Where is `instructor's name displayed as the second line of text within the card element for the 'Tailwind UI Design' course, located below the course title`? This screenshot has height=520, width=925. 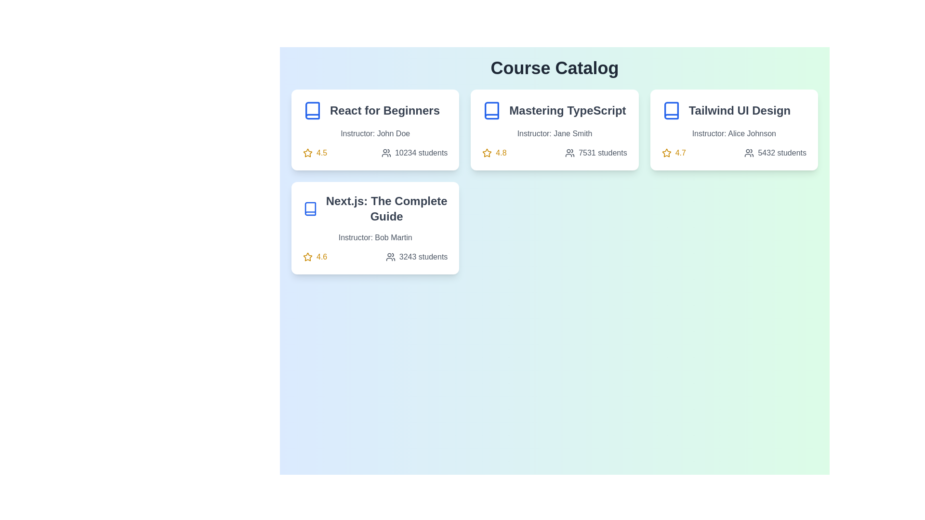
instructor's name displayed as the second line of text within the card element for the 'Tailwind UI Design' course, located below the course title is located at coordinates (733, 133).